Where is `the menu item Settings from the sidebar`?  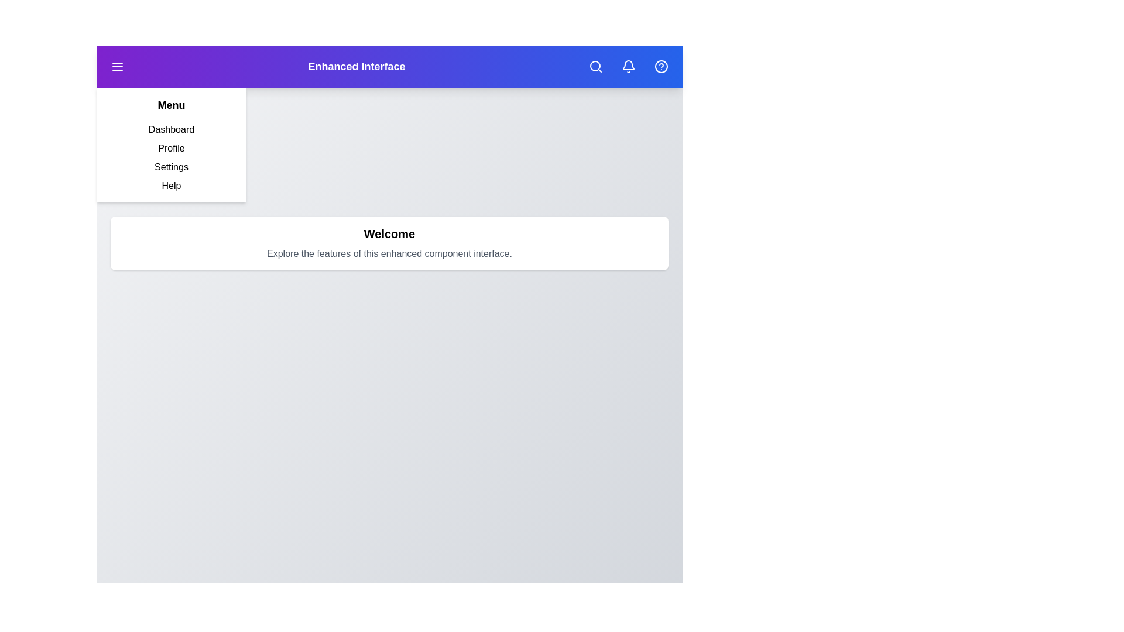
the menu item Settings from the sidebar is located at coordinates (170, 167).